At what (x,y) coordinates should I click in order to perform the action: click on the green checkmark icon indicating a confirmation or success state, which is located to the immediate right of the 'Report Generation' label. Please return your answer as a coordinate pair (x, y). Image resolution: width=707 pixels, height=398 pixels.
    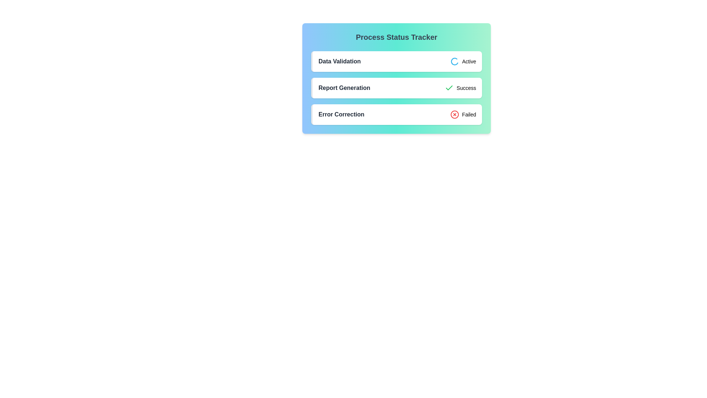
    Looking at the image, I should click on (449, 88).